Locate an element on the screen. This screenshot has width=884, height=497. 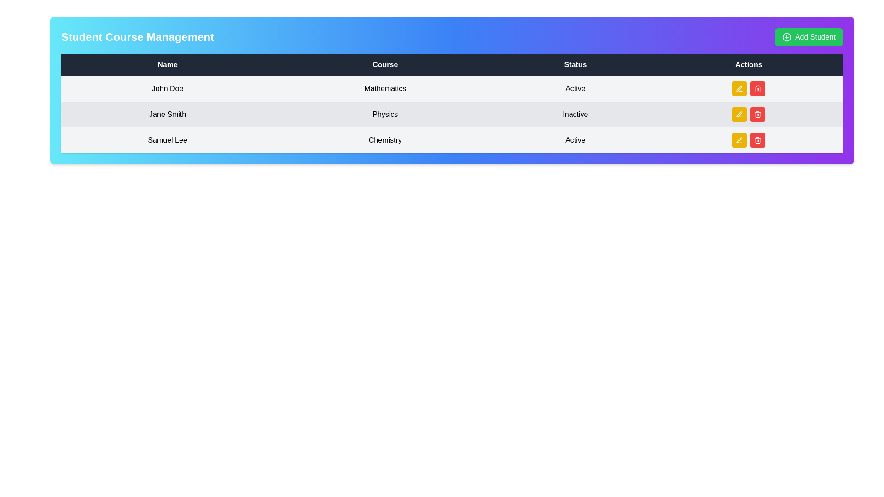
the Table Header Cell that labels the 'Status' column in the data table, located between the 'Course' and 'Actions' headers is located at coordinates (575, 64).